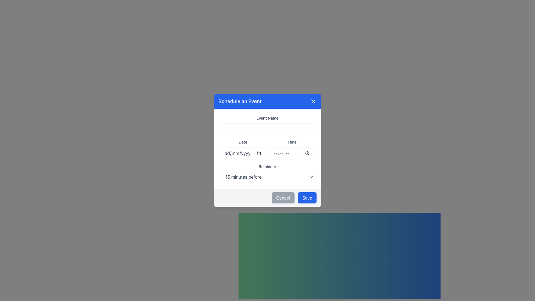 This screenshot has width=535, height=301. What do you see at coordinates (291, 142) in the screenshot?
I see `the Text Label that serves as a context label for the adjacent time input field, which is located at the top and slightly to the right of the time input field` at bounding box center [291, 142].